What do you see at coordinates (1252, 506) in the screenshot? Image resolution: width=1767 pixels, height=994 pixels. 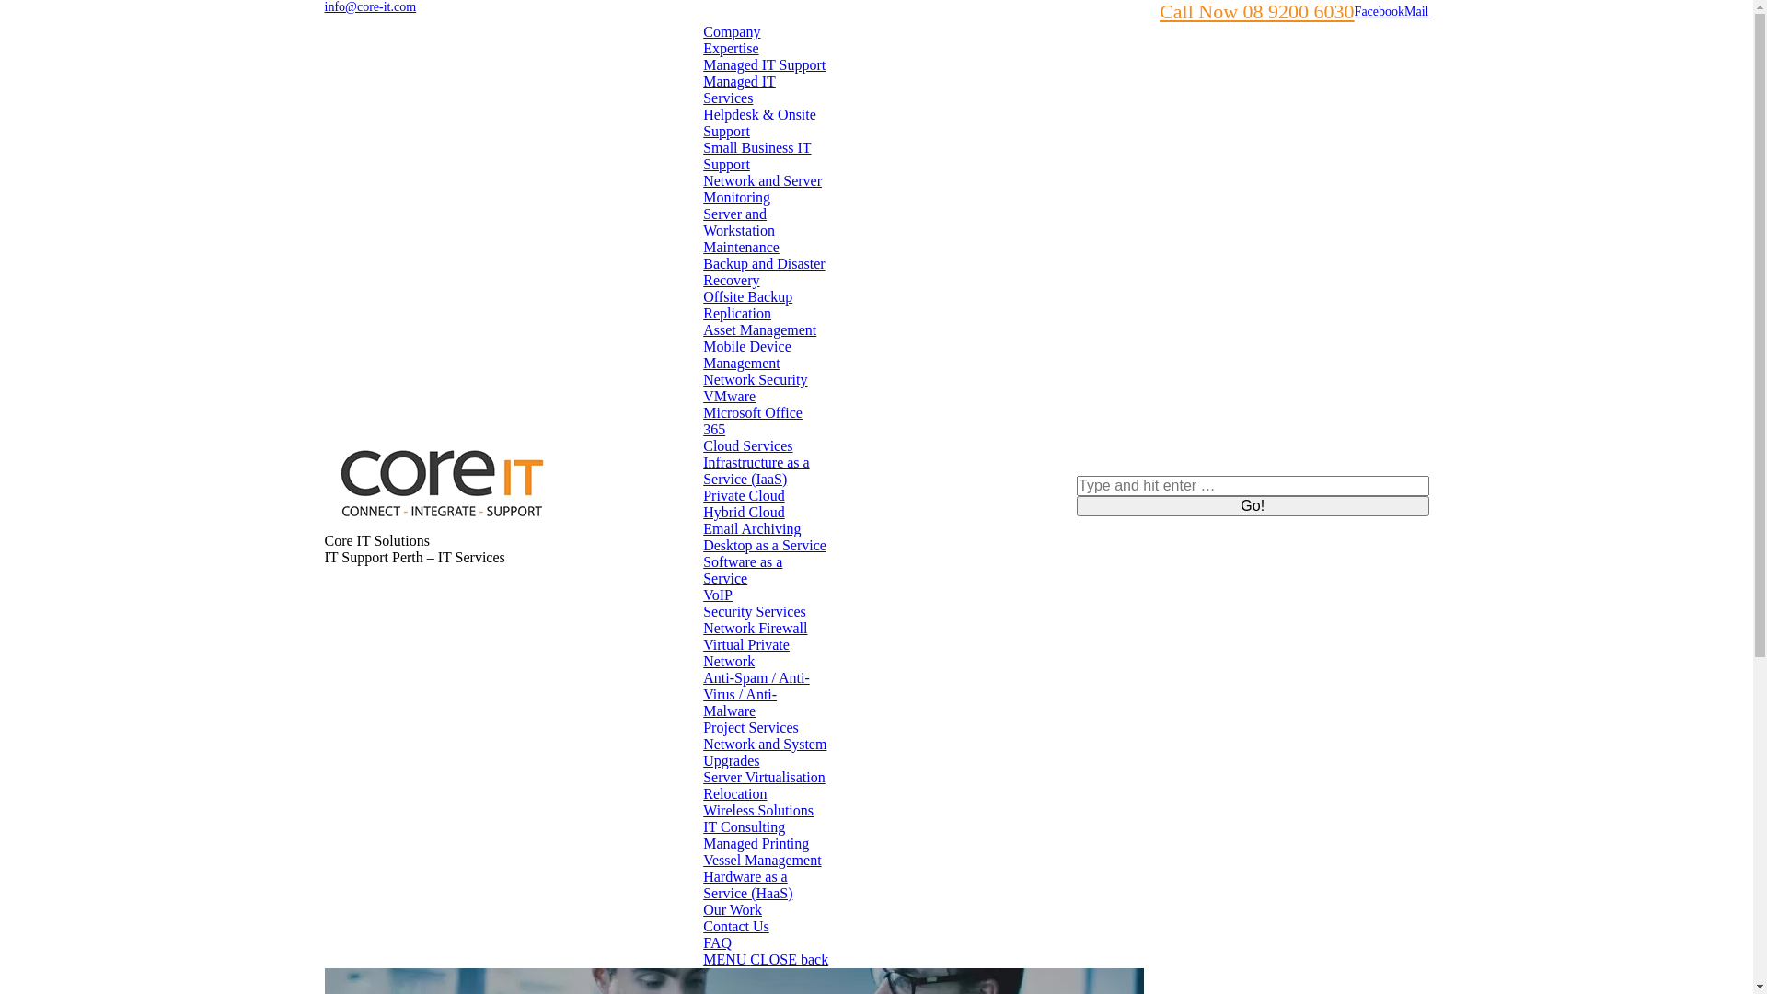 I see `'Go!'` at bounding box center [1252, 506].